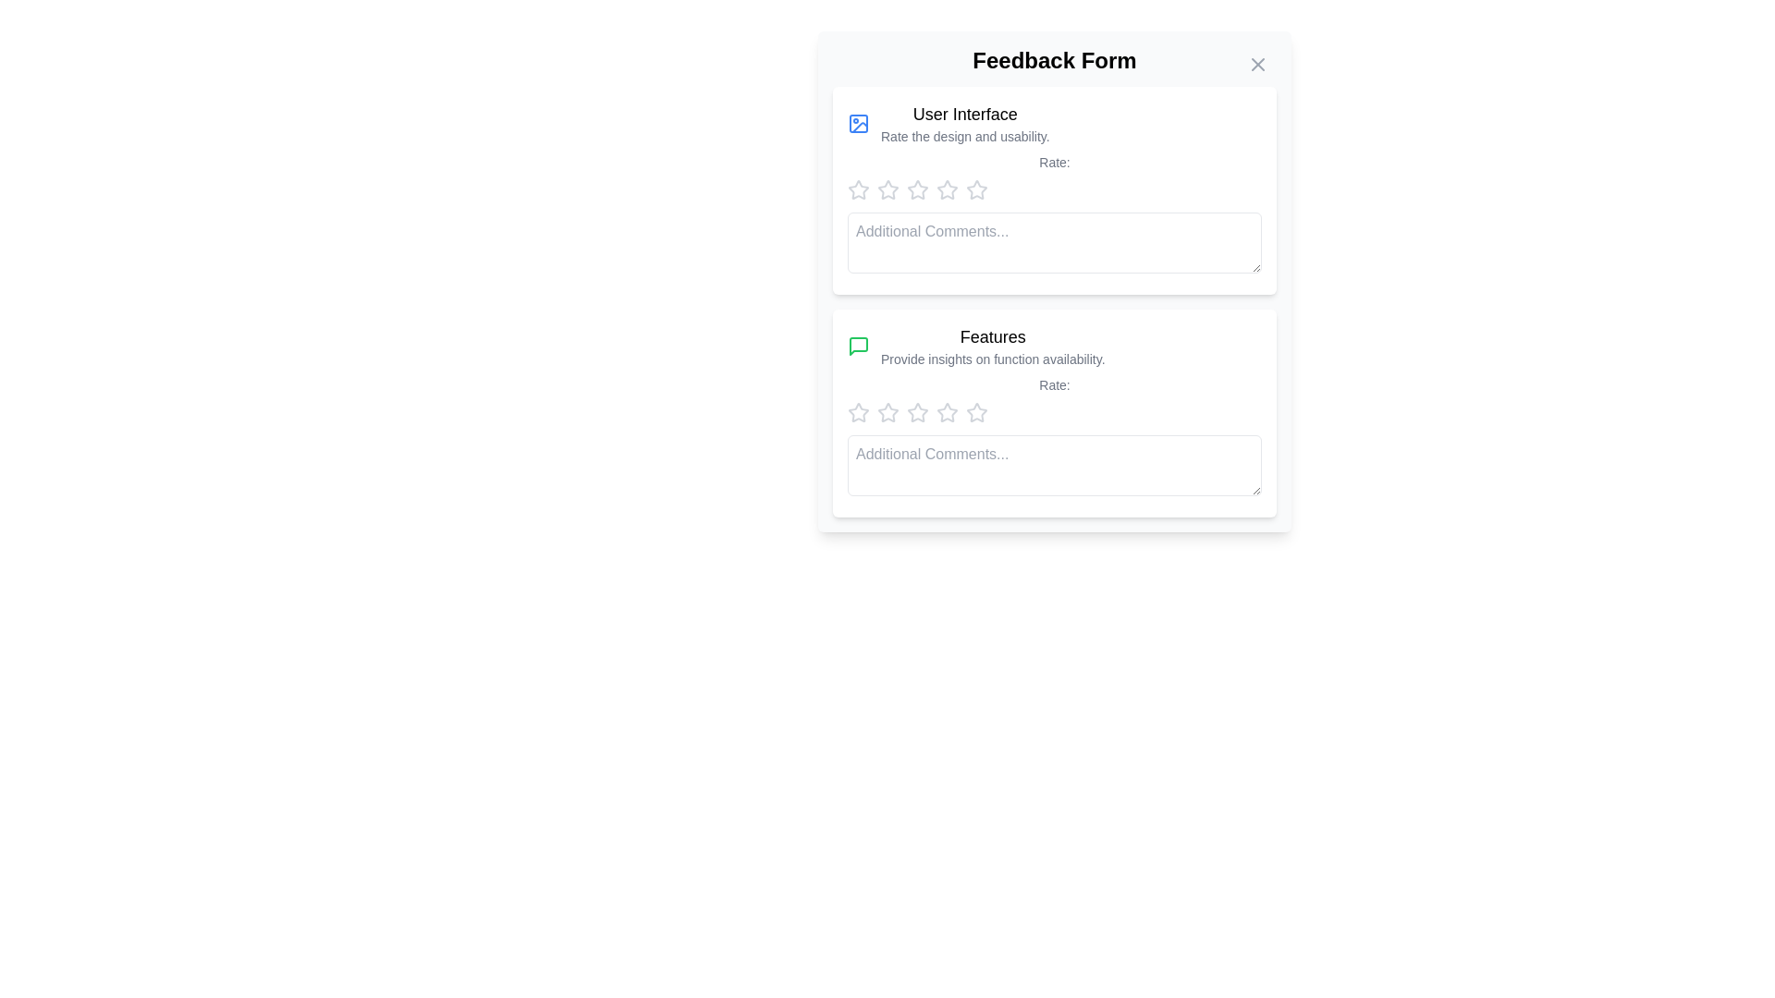  I want to click on the sixth star in the horizontal sequence of seven rating stars in the 'Features' section of the feedback form, so click(948, 412).